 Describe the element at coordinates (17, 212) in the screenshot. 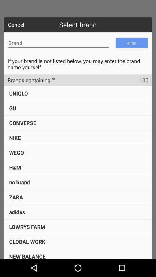

I see `the icon below the zara icon` at that location.